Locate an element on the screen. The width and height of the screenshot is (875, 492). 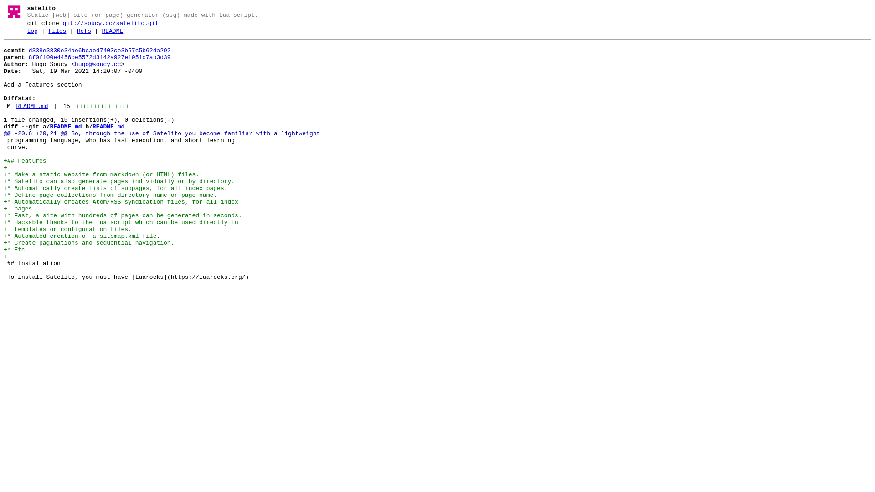
'README' is located at coordinates (112, 31).